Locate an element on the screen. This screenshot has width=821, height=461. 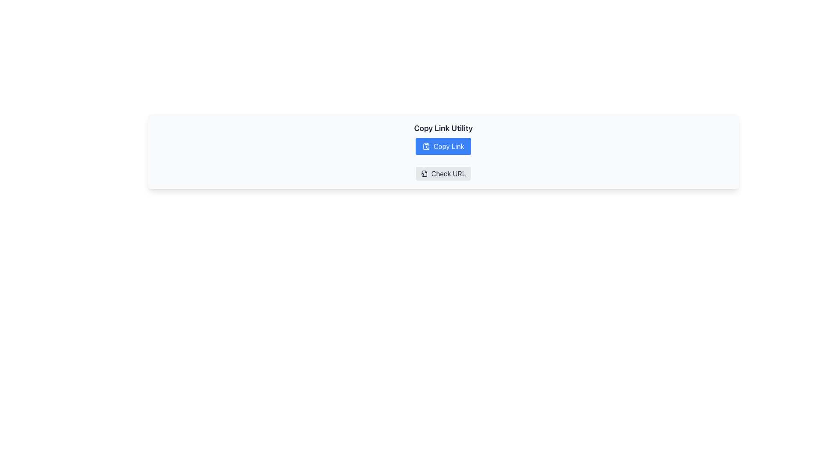
the 'Copy Link' button, which has a blue background, white text, and a clipboard icon, located at the upper portion of a vertical layout is located at coordinates (443, 146).